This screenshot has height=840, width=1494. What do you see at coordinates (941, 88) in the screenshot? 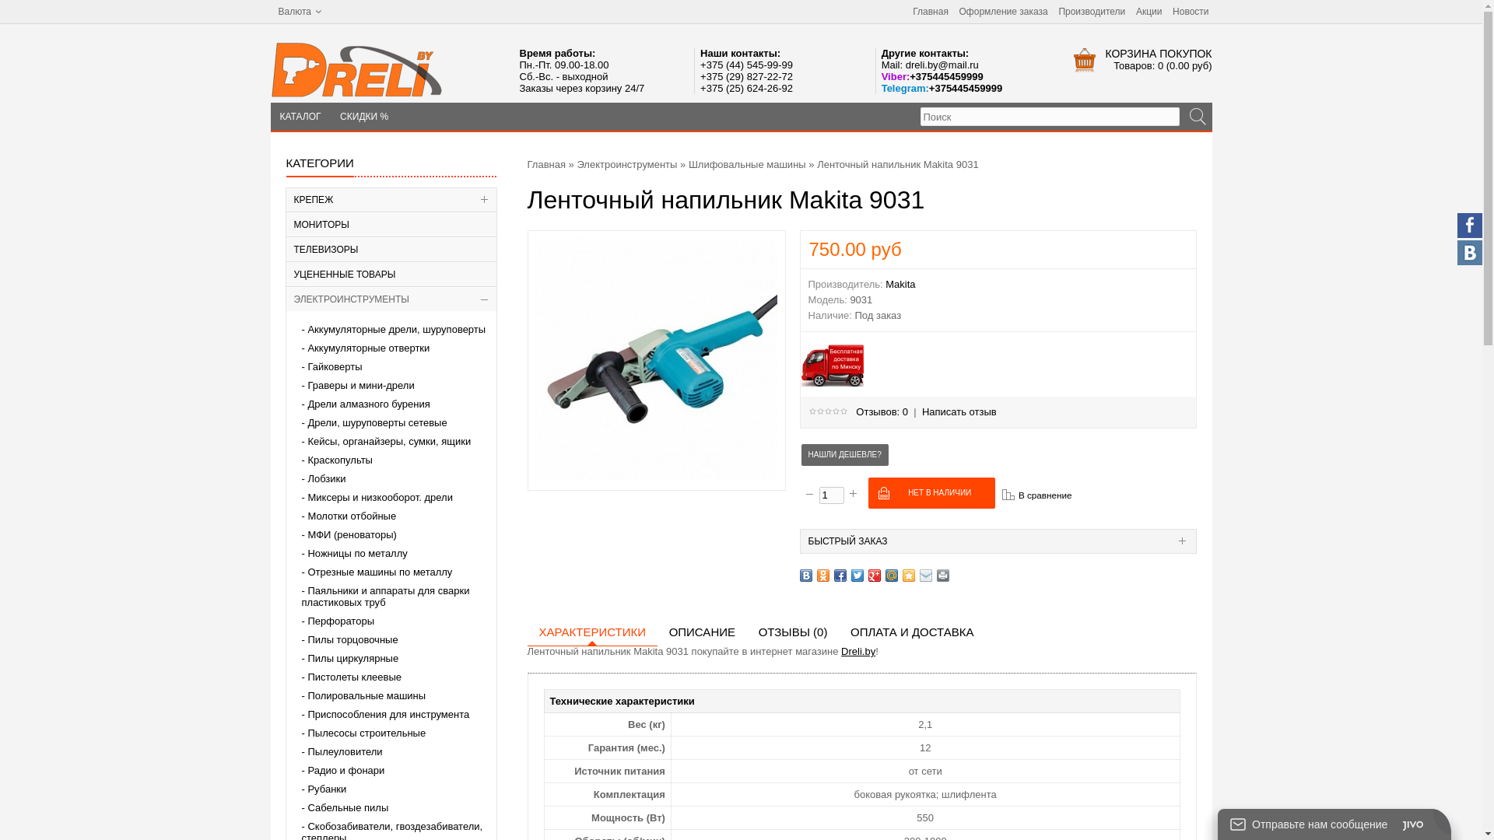
I see `'Telegram:+375445459999'` at bounding box center [941, 88].